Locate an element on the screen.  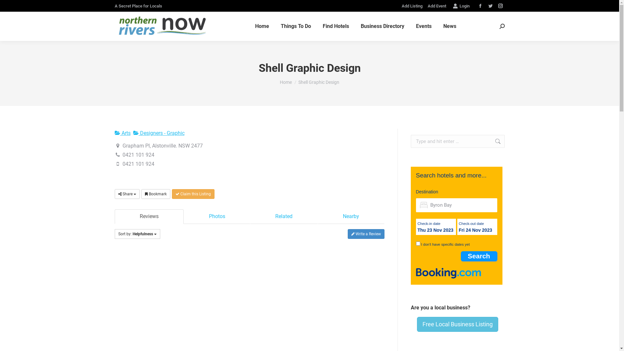
'Events' is located at coordinates (424, 26).